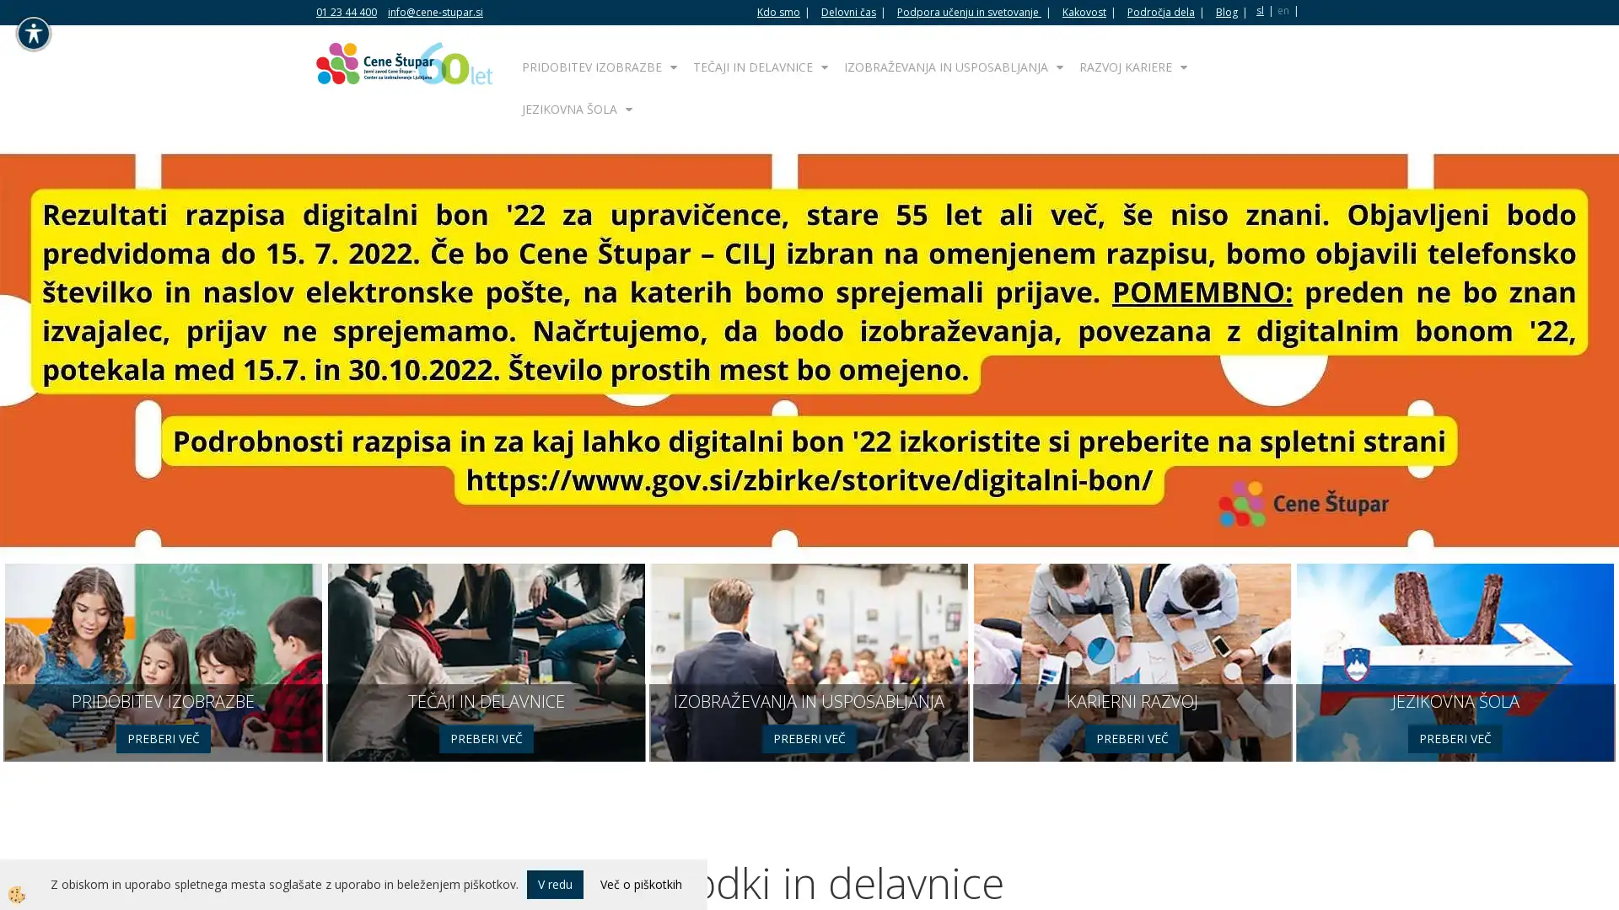 This screenshot has width=1619, height=910. What do you see at coordinates (1202, 32) in the screenshot?
I see `ISCI` at bounding box center [1202, 32].